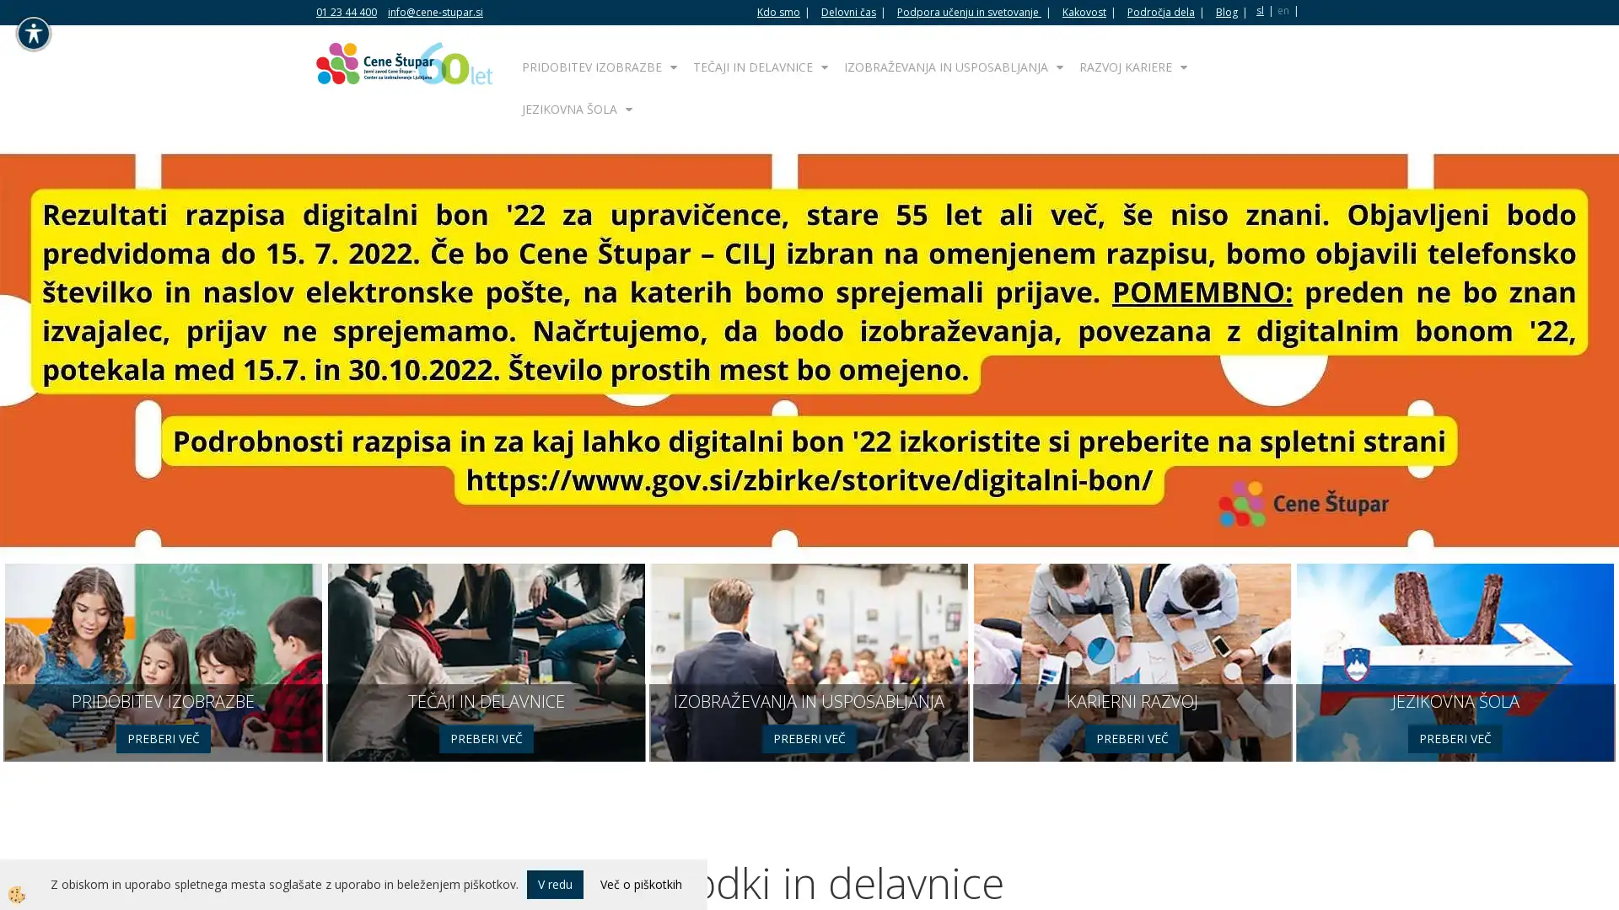 This screenshot has width=1619, height=910. What do you see at coordinates (1202, 32) in the screenshot?
I see `ISCI` at bounding box center [1202, 32].